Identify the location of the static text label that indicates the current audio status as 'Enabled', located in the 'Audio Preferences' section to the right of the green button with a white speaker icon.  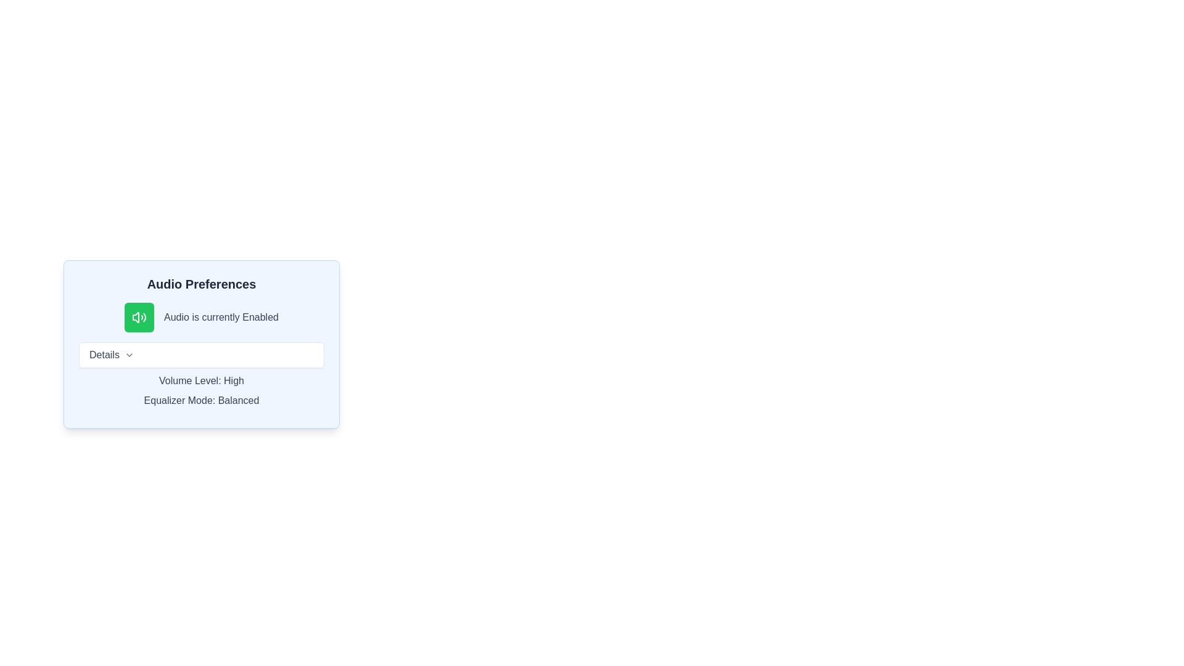
(221, 317).